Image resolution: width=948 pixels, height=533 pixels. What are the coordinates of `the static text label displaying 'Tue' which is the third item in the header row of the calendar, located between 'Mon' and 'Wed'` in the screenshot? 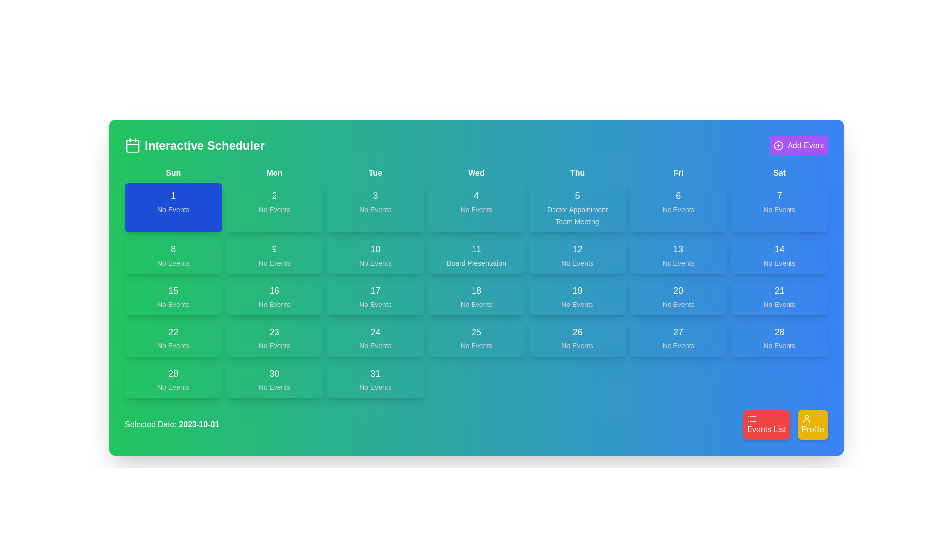 It's located at (375, 173).